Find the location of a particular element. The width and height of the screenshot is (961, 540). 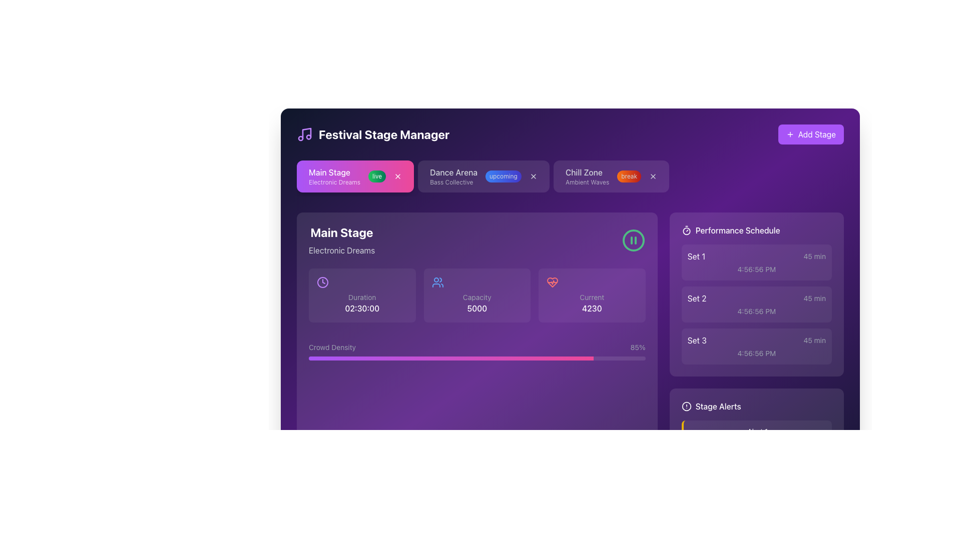

the first scheduled item in the 'Performance Schedule' section, which displays the set number and its duration is located at coordinates (756, 256).